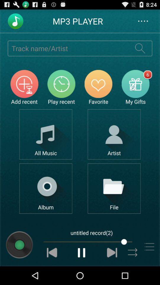  Describe the element at coordinates (114, 134) in the screenshot. I see `open artist` at that location.